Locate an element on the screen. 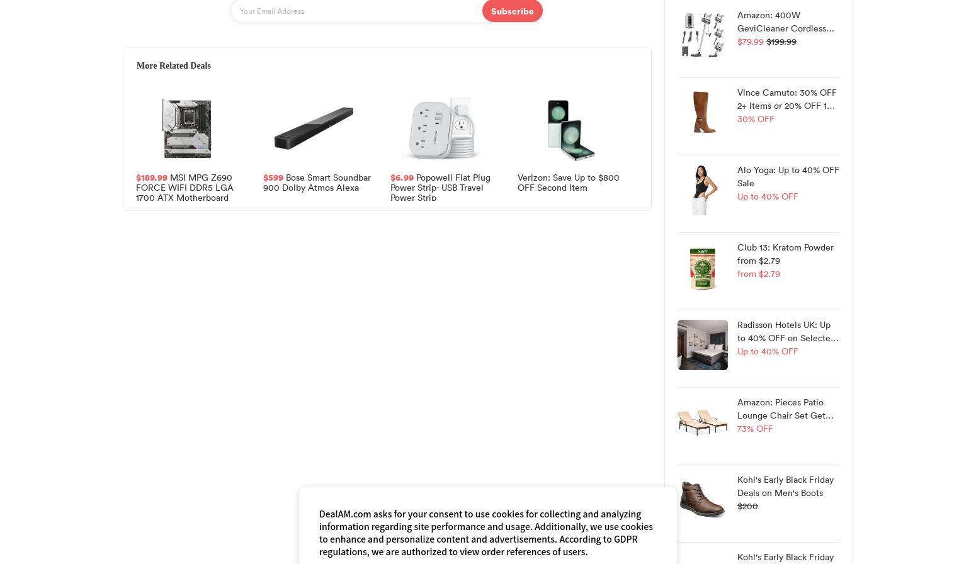  'Apple iPad 10.2-in 64GB Wi-Fi Table' is located at coordinates (505, 459).